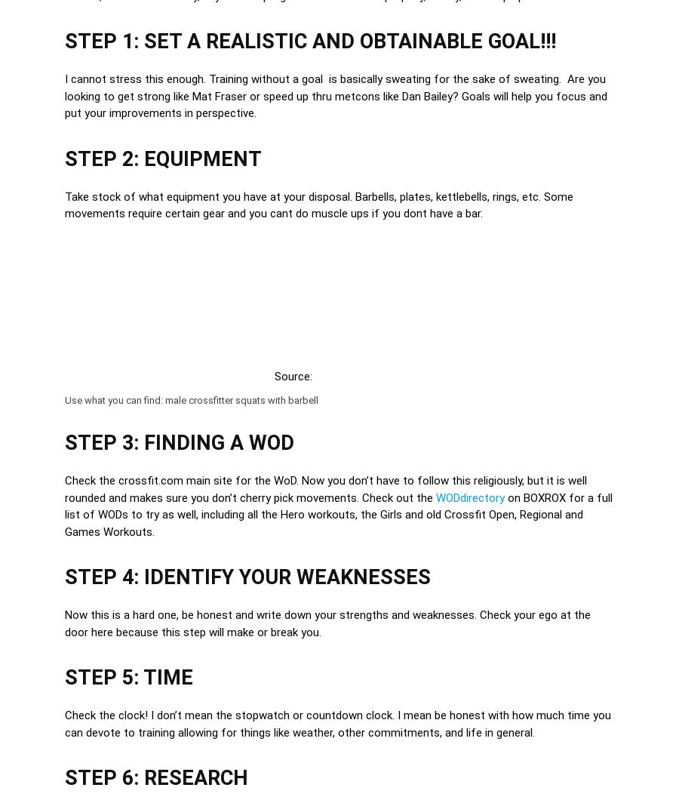  What do you see at coordinates (274, 377) in the screenshot?
I see `'Source:'` at bounding box center [274, 377].